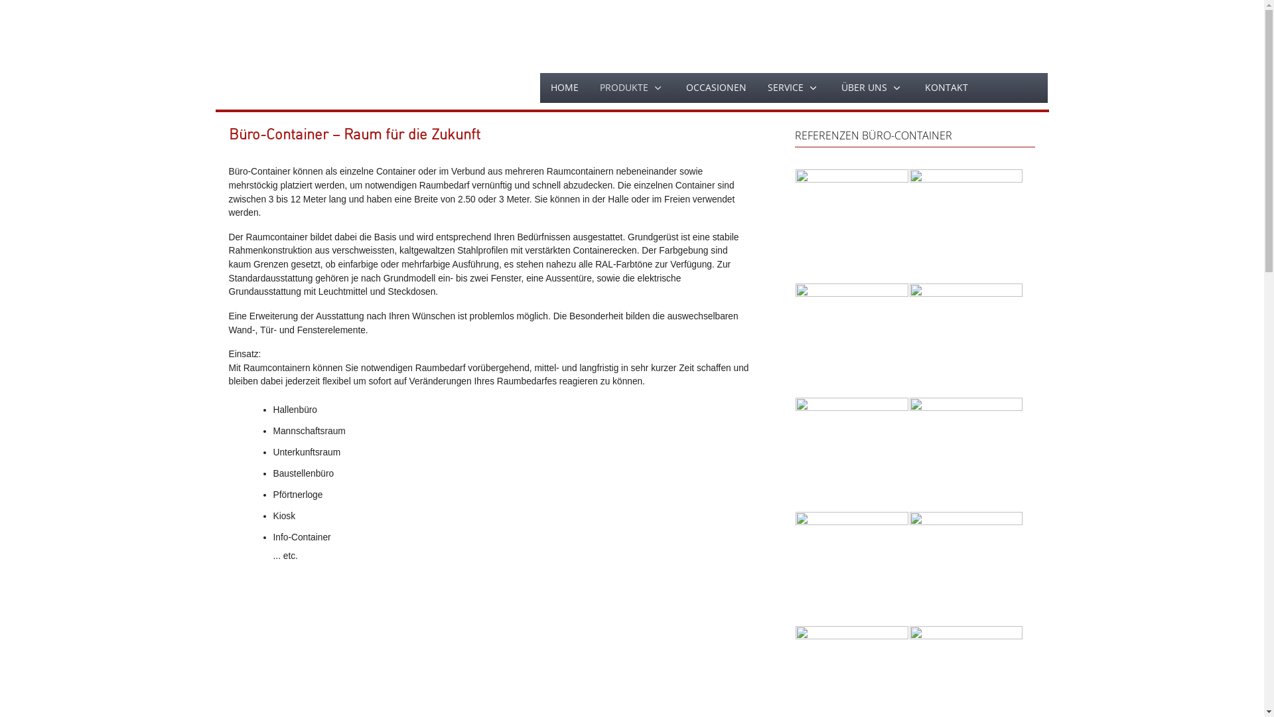 Image resolution: width=1274 pixels, height=717 pixels. What do you see at coordinates (715, 87) in the screenshot?
I see `'OCCASIONEN'` at bounding box center [715, 87].